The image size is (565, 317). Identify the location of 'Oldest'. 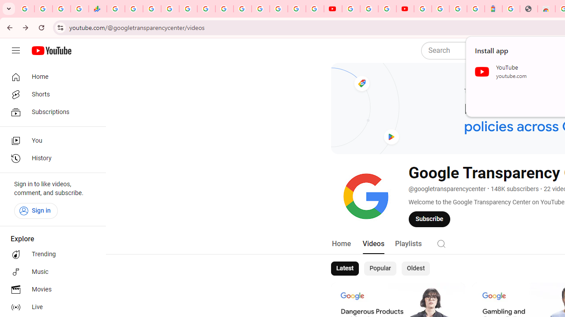
(415, 268).